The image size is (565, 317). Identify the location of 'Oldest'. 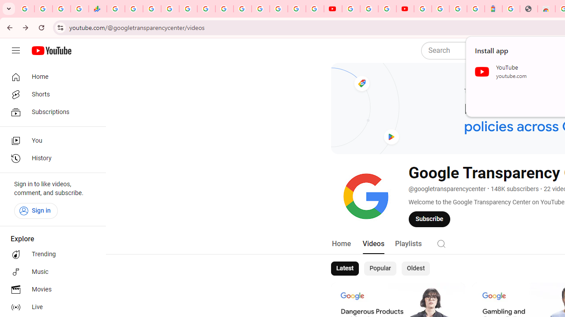
(415, 268).